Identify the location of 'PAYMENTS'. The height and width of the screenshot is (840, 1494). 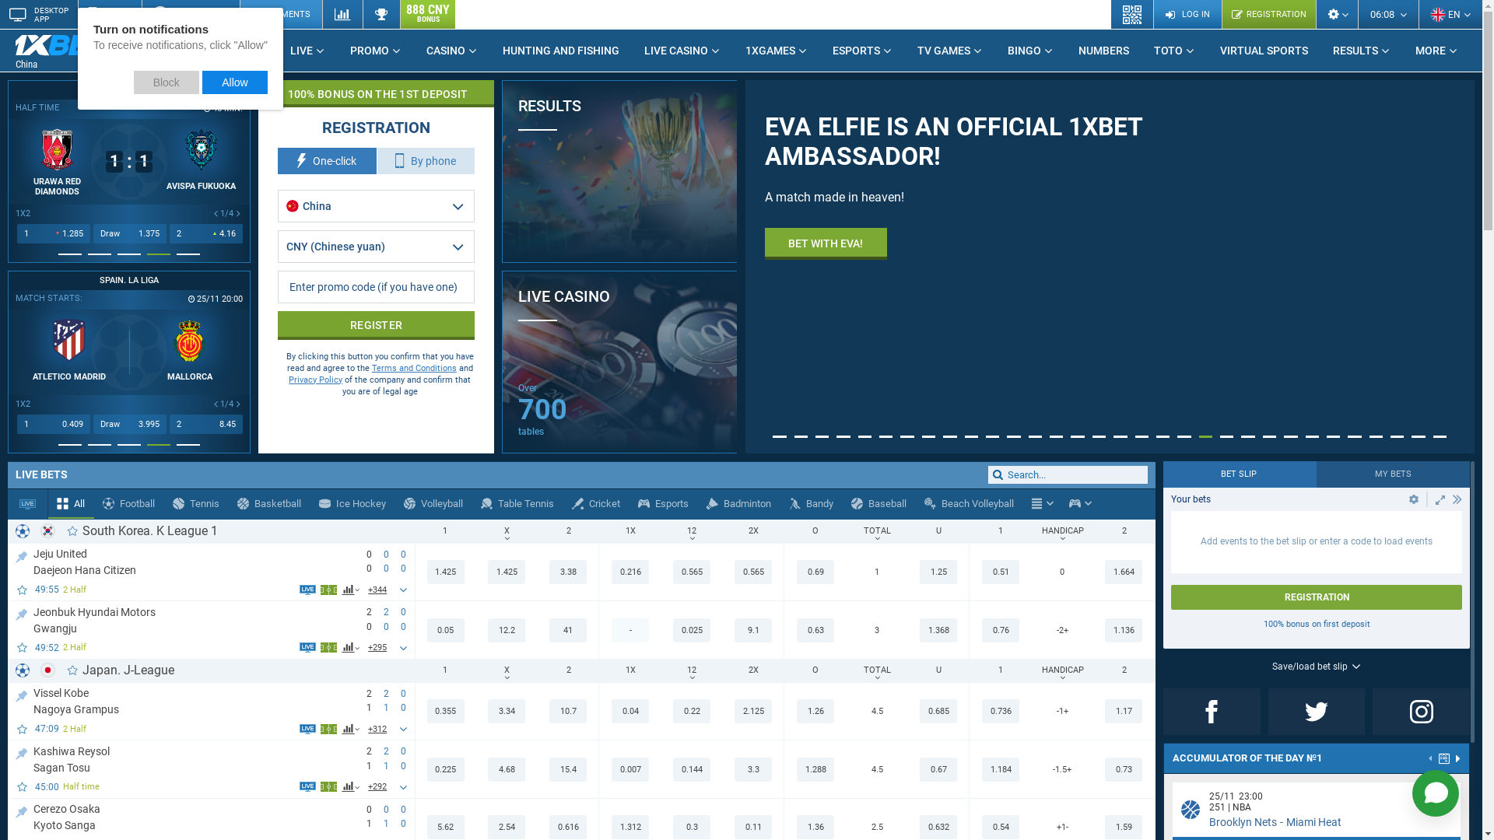
(280, 14).